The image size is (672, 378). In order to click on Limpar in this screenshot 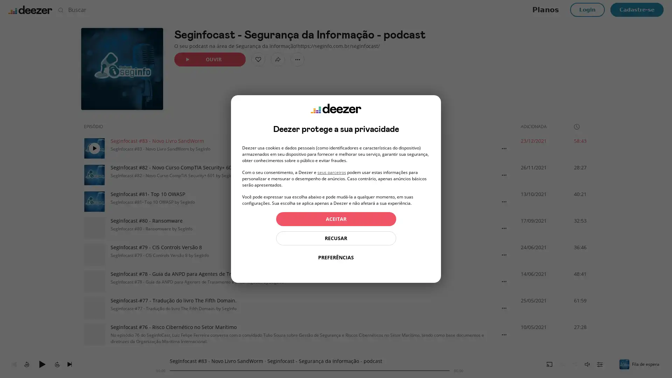, I will do `click(446, 9)`.